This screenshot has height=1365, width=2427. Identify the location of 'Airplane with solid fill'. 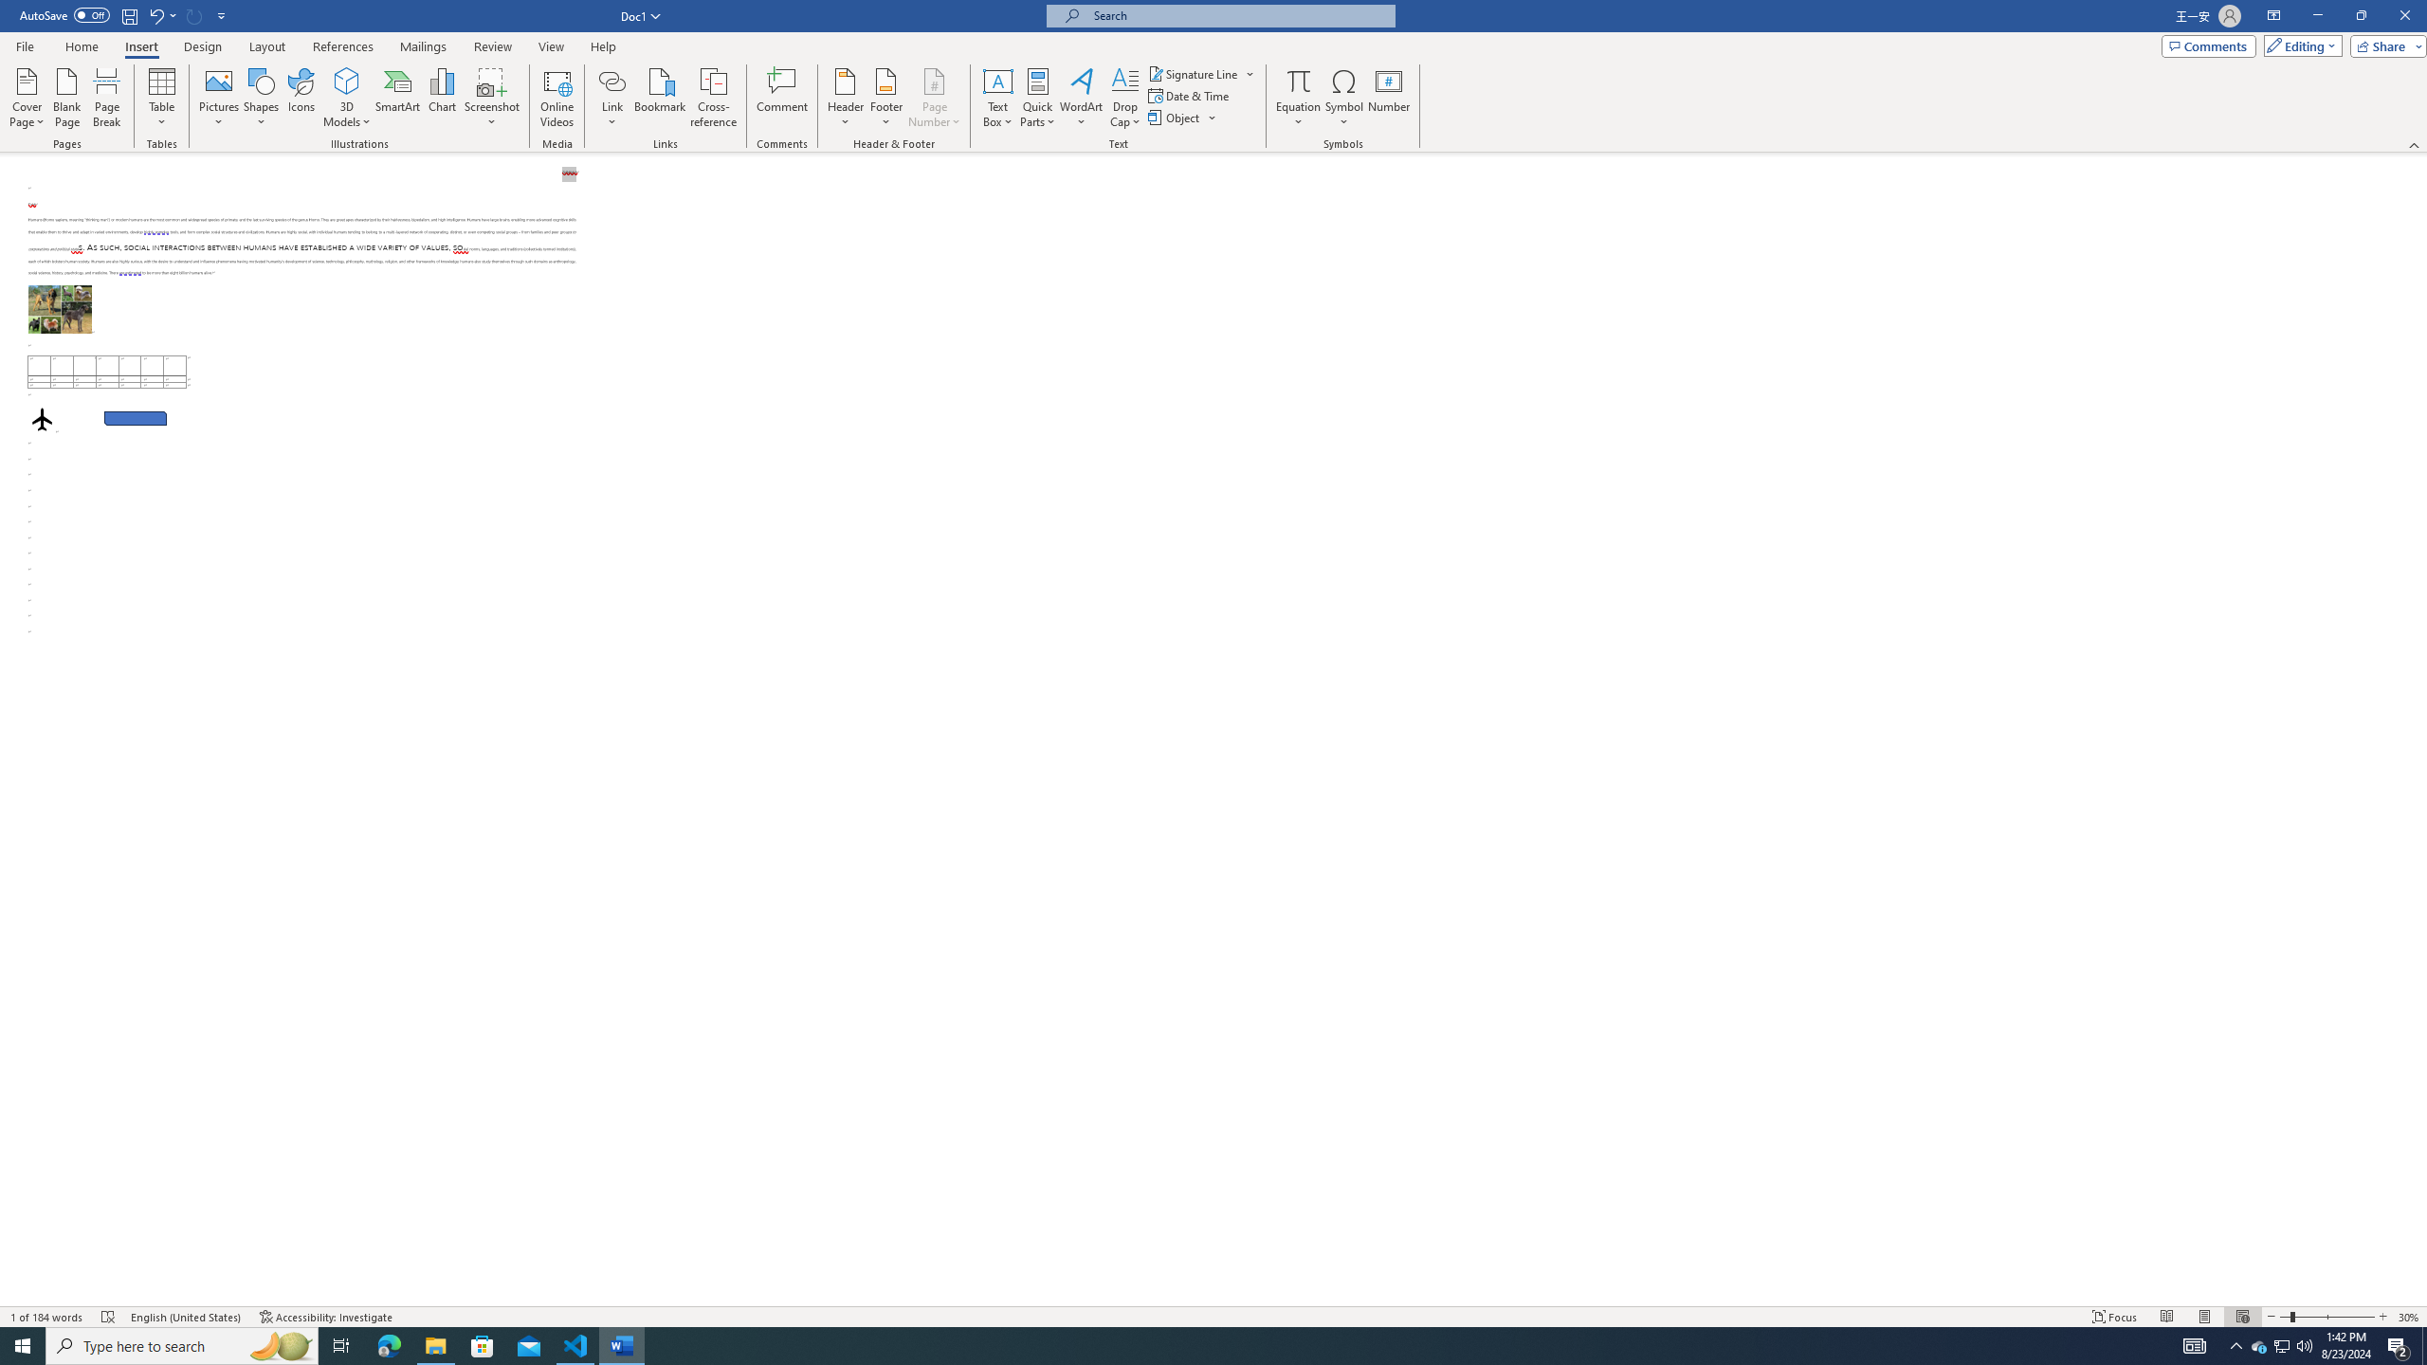
(42, 418).